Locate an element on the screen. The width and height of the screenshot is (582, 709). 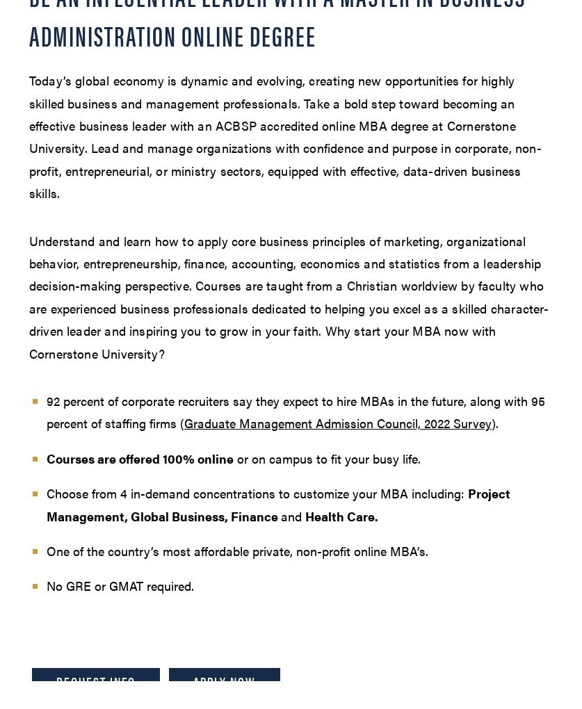
'Understand and learn how to apply core business principles of marketing, organizational behavior, entrepreneurship, finance, accounting, economics and statistics from a leadership decision-making perspective. Courses are taught from a Christian worldview by faculty who are experienced business professionals dedicated to helping you excel as a skilled character-driven leader and inspiring you to grow in your faith. Why start your MBA now with Cornerstone University?' is located at coordinates (288, 295).